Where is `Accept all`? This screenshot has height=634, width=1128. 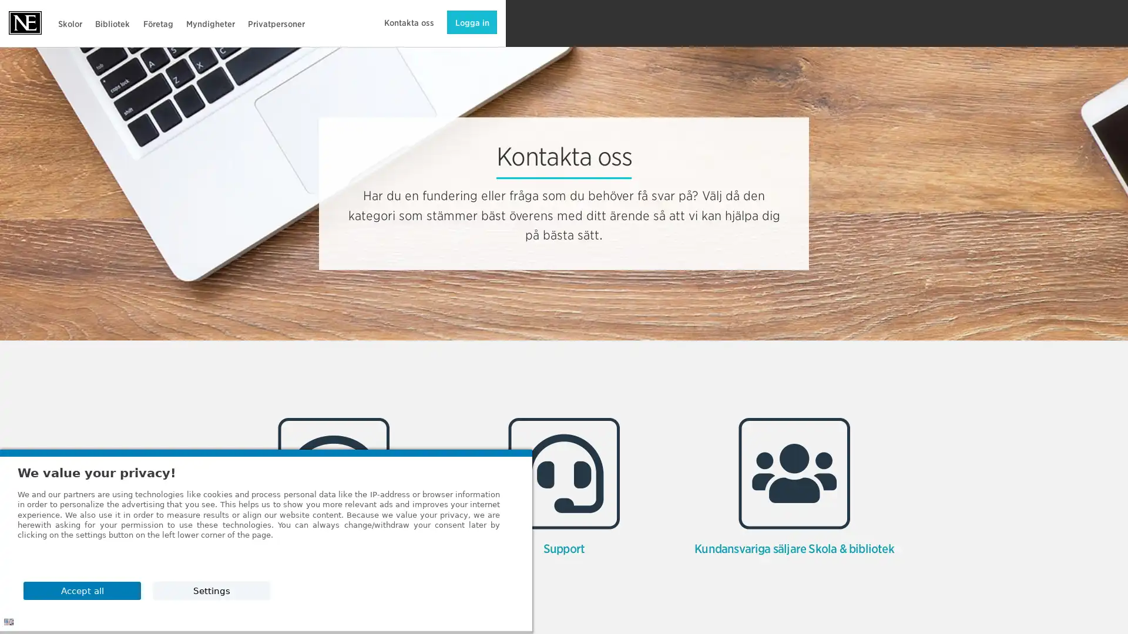 Accept all is located at coordinates (851, 559).